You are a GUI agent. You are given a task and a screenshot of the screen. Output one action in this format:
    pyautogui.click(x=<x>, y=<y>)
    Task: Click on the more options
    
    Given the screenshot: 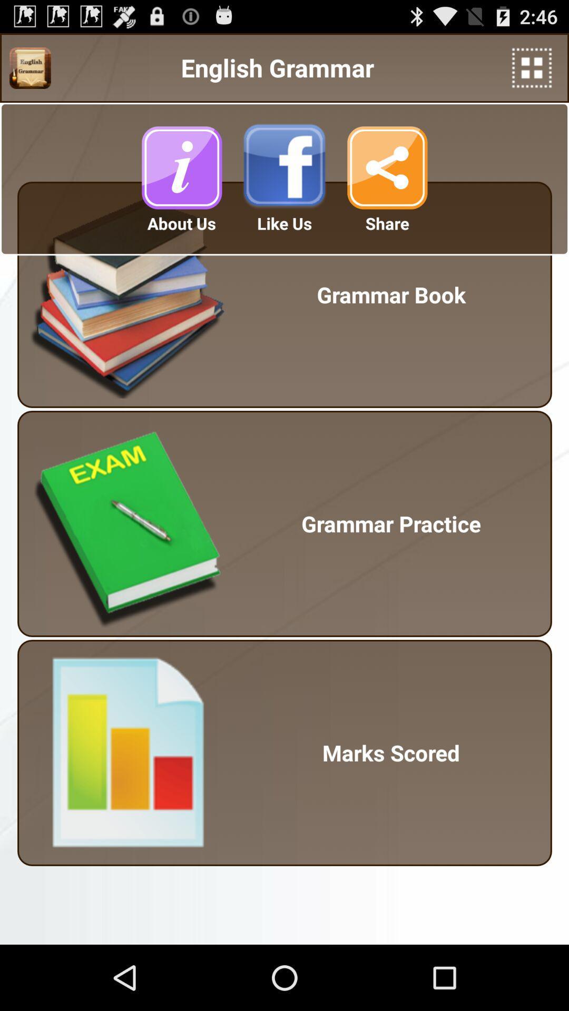 What is the action you would take?
    pyautogui.click(x=532, y=67)
    